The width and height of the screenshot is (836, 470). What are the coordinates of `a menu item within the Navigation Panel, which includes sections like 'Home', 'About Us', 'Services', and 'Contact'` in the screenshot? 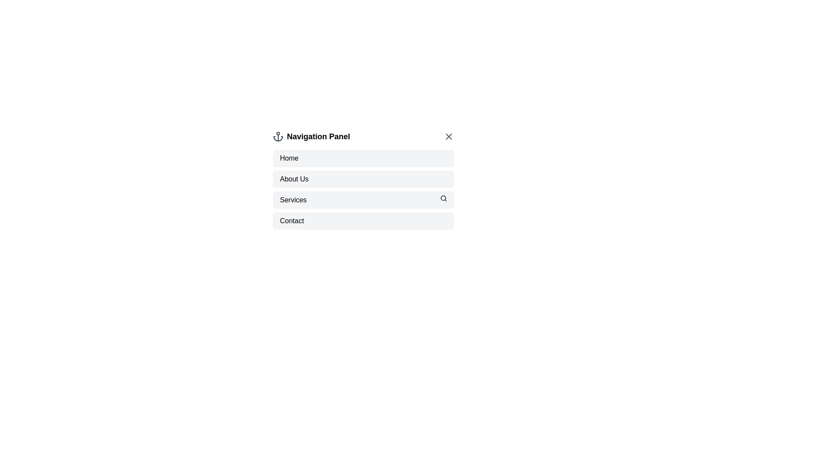 It's located at (364, 189).